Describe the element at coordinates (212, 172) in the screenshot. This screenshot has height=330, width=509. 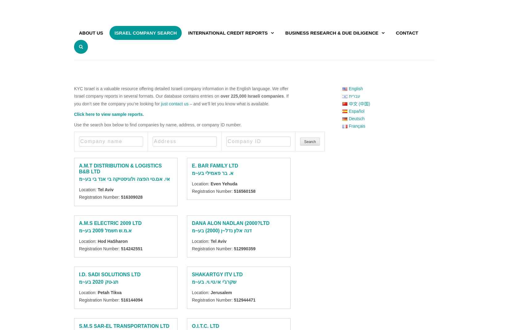
I see `'א. בר פאמילי  בע~מ'` at that location.